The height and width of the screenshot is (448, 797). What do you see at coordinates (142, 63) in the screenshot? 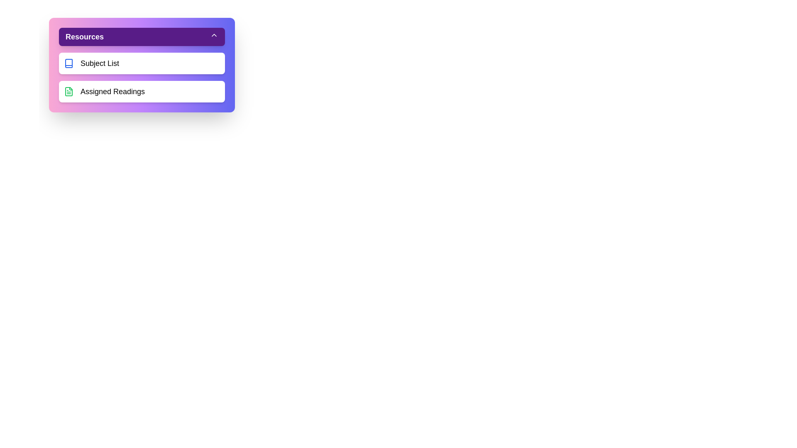
I see `the 'Subject List' interactive menu item` at bounding box center [142, 63].